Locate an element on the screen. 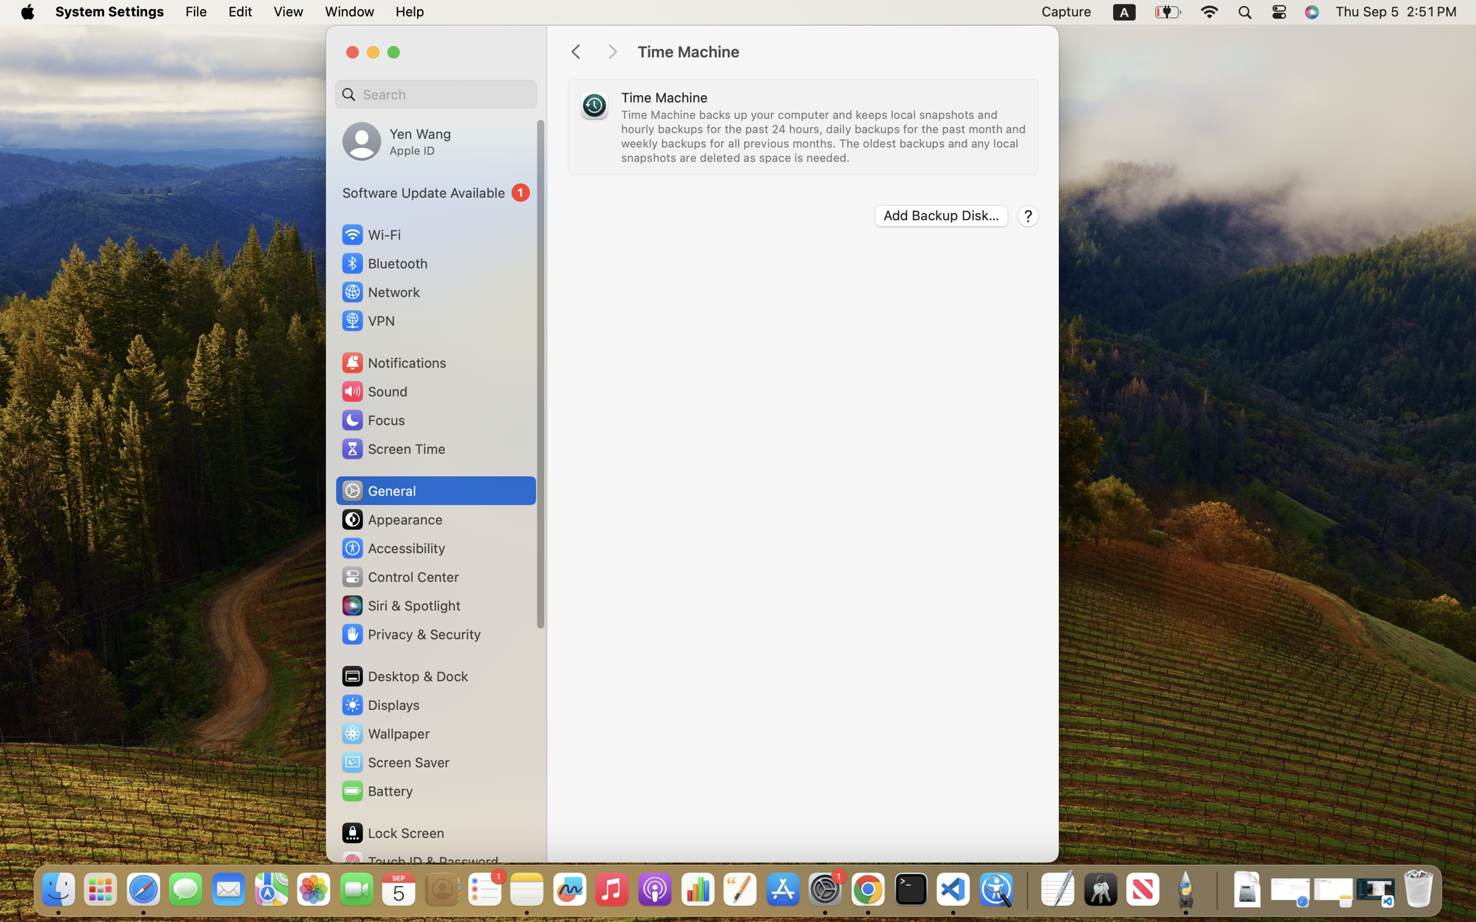  'Wi‑Fi' is located at coordinates (370, 234).